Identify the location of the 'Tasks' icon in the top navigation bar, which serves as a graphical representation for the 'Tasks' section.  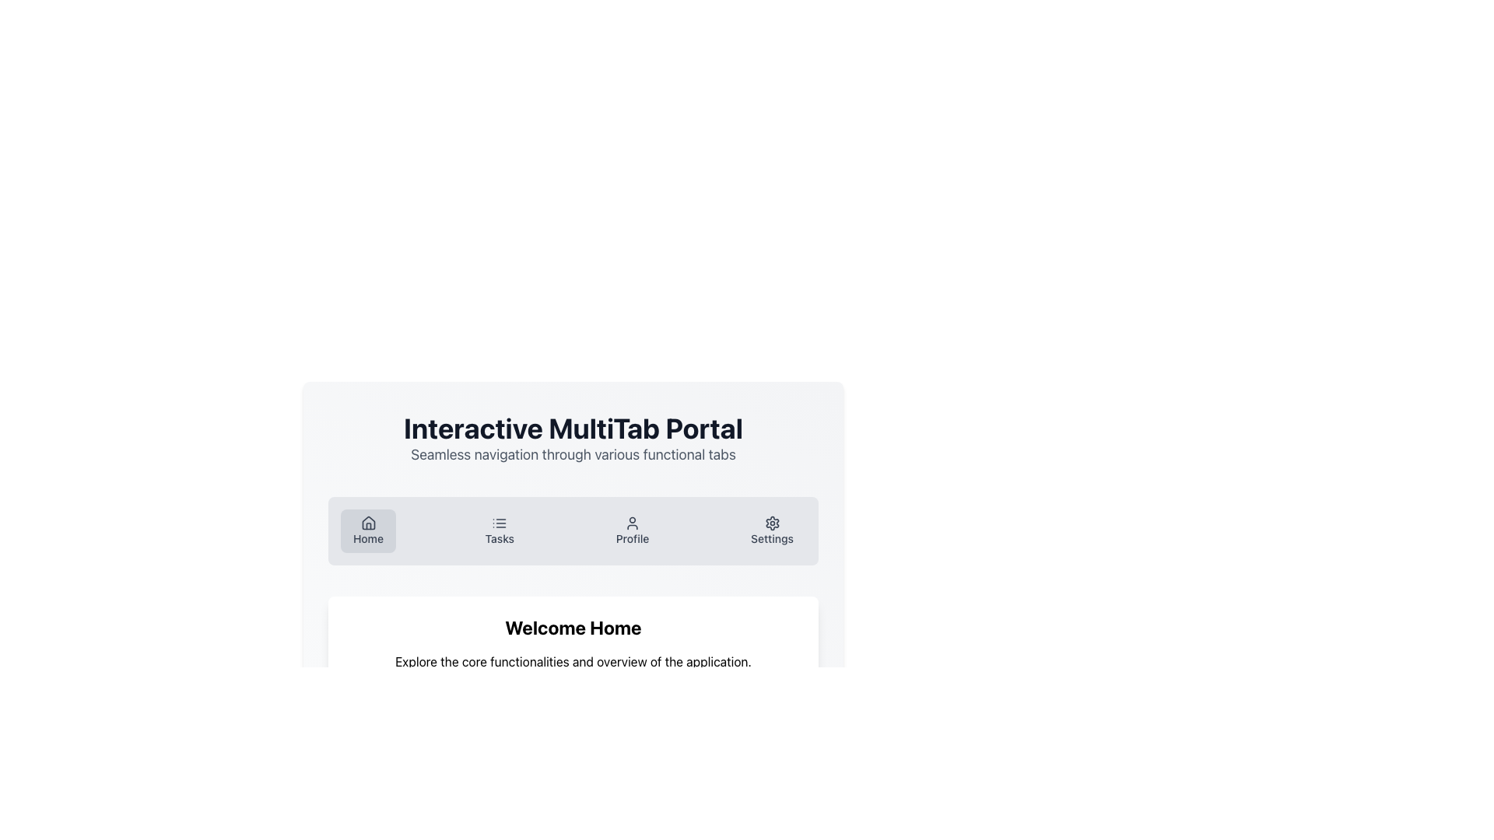
(500, 523).